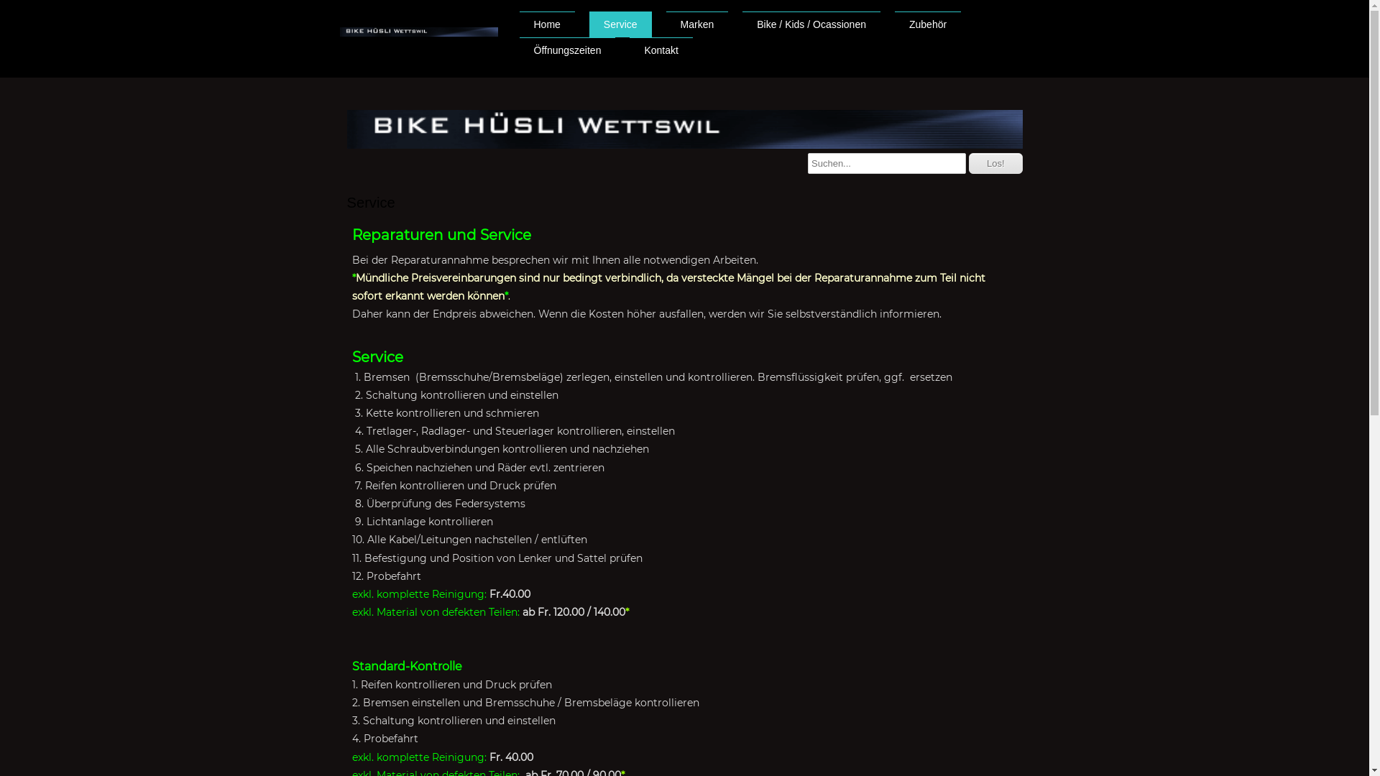 The width and height of the screenshot is (1380, 776). I want to click on 'Home', so click(517, 24).